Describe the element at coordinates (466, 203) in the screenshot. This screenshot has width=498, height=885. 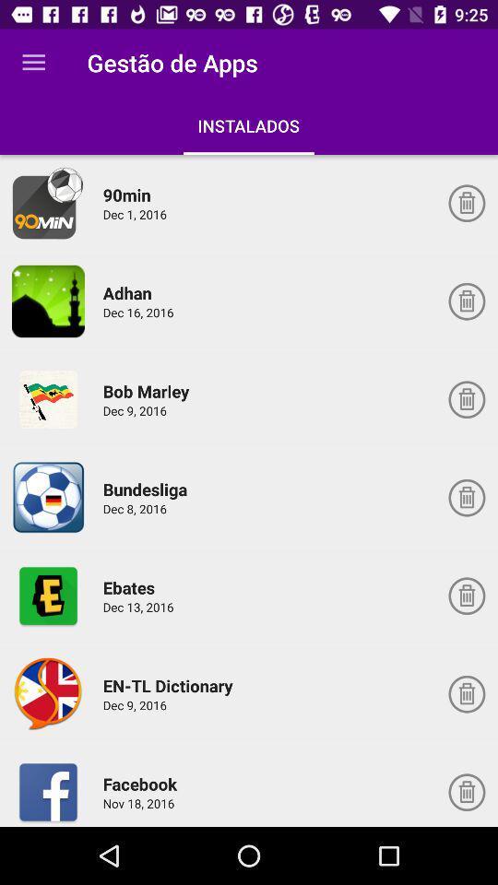
I see `delete` at that location.